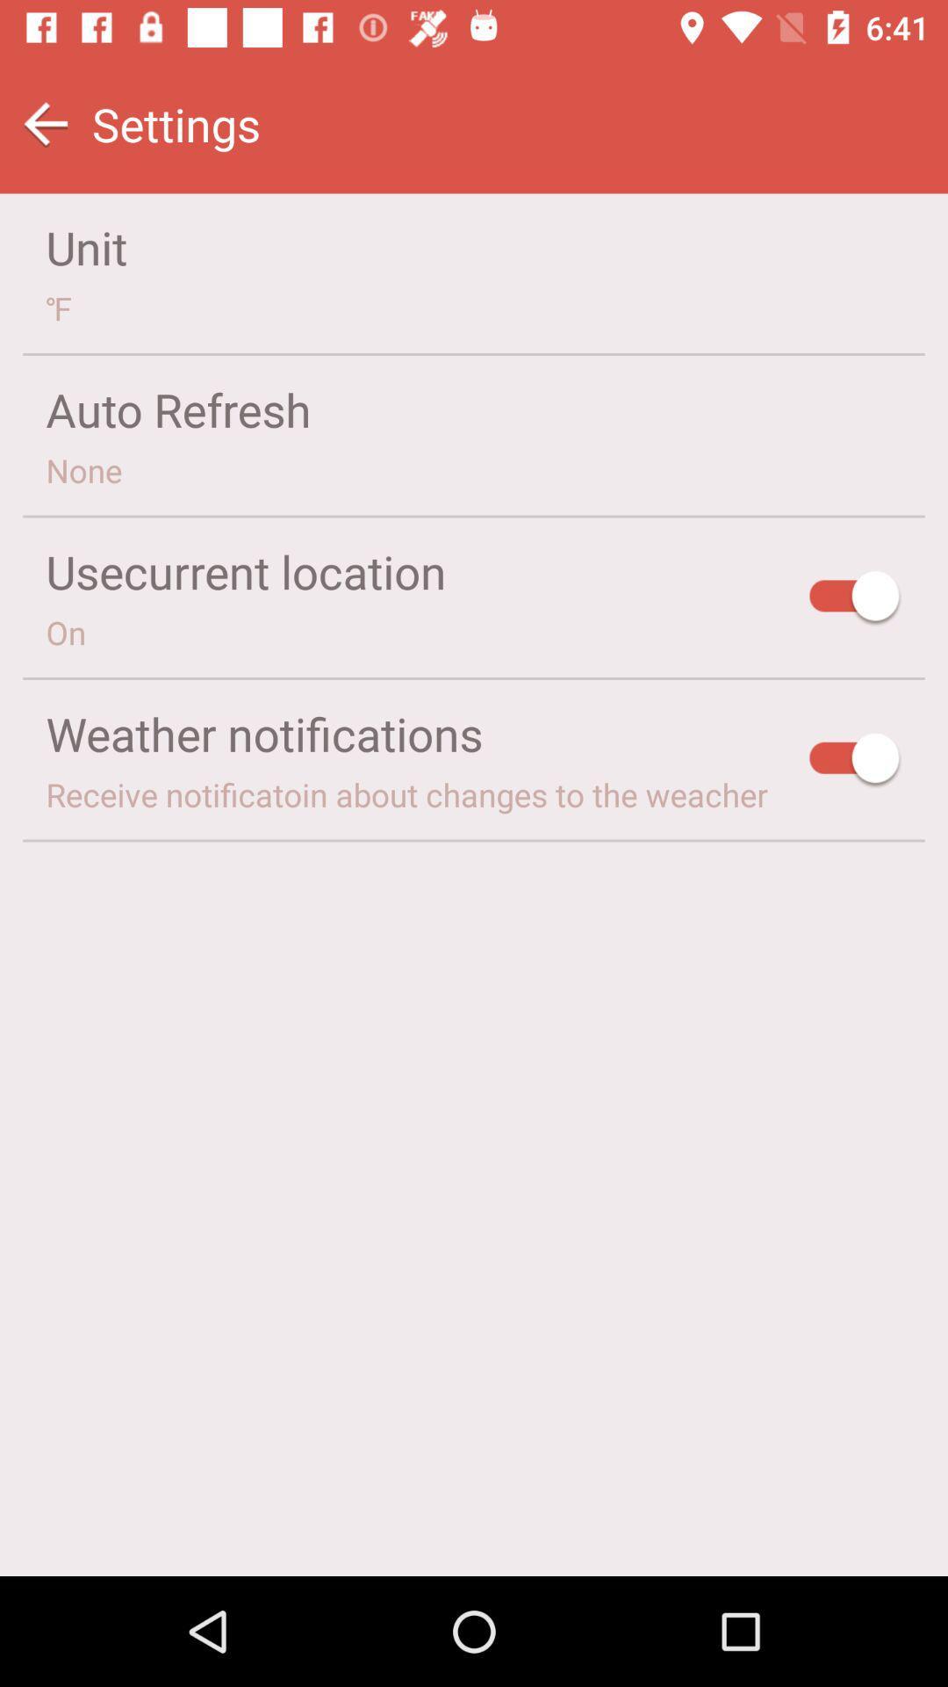  What do you see at coordinates (855, 598) in the screenshot?
I see `item next to the usecurrent location icon` at bounding box center [855, 598].